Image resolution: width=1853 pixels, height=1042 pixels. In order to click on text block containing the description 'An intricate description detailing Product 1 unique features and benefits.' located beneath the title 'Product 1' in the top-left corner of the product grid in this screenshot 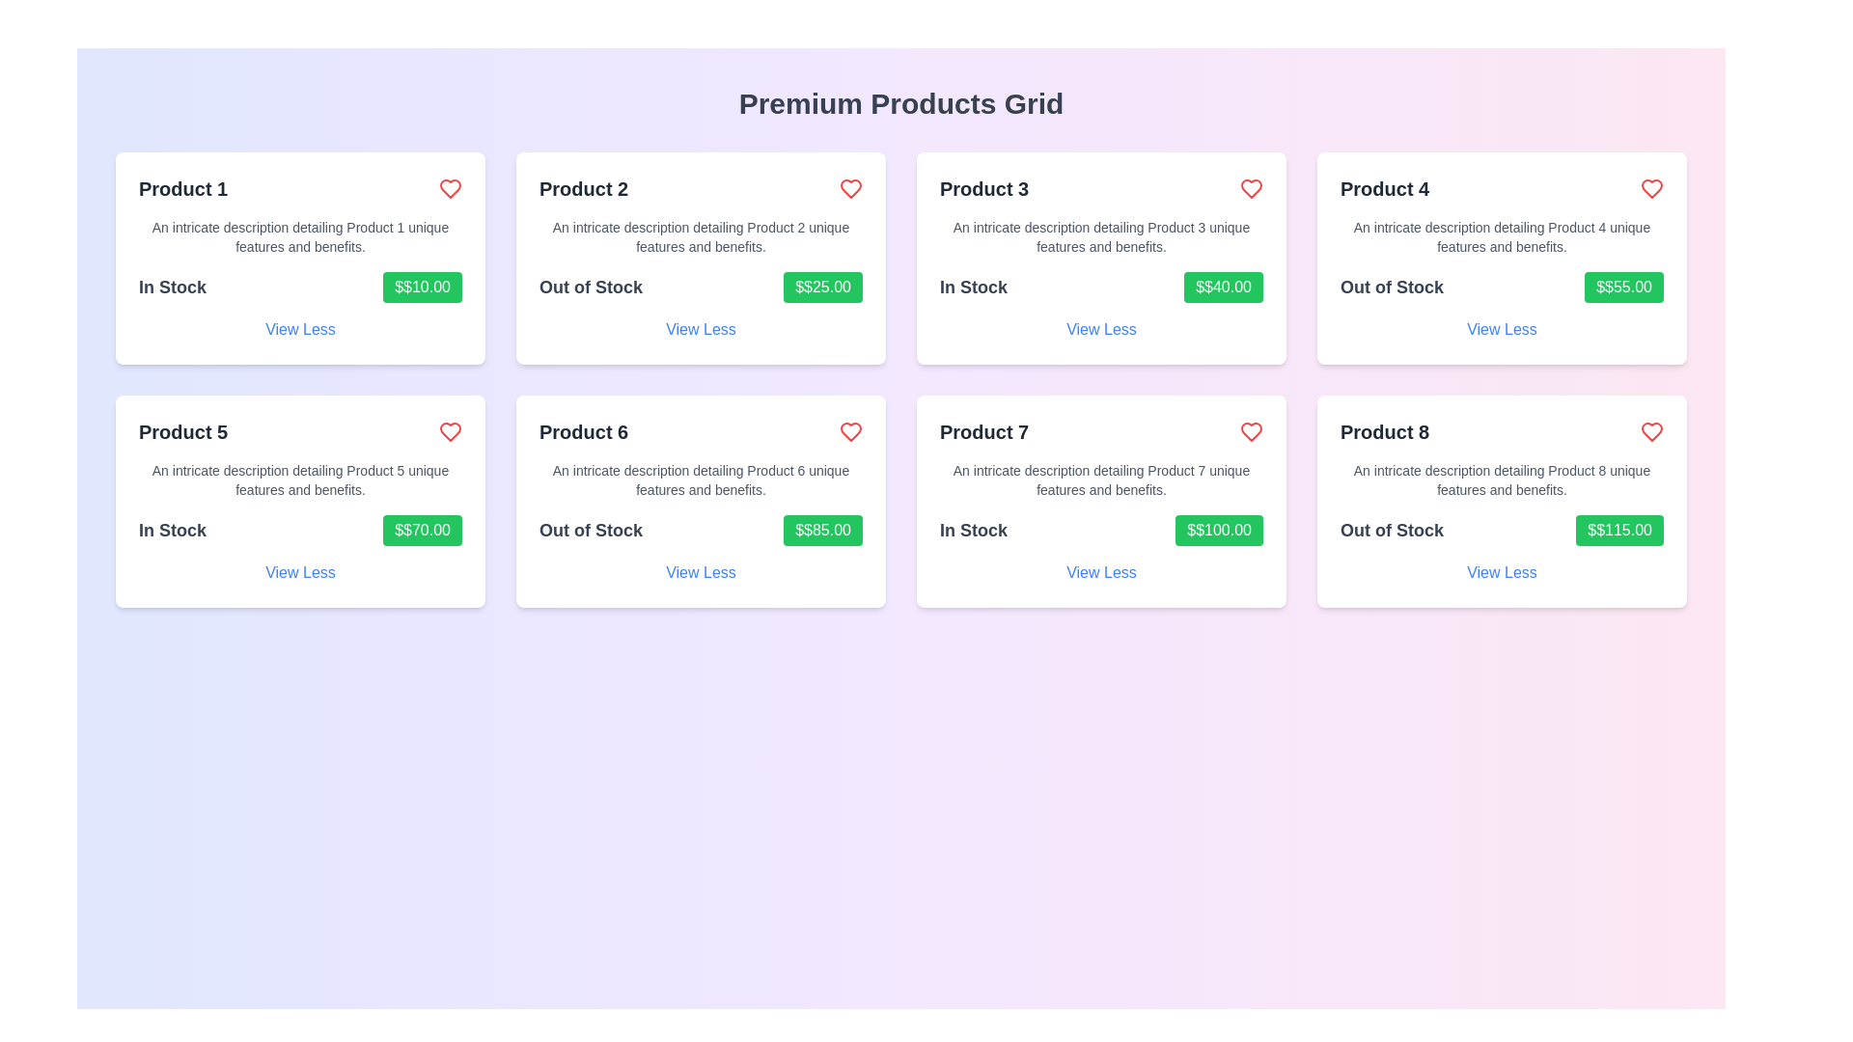, I will do `click(299, 236)`.